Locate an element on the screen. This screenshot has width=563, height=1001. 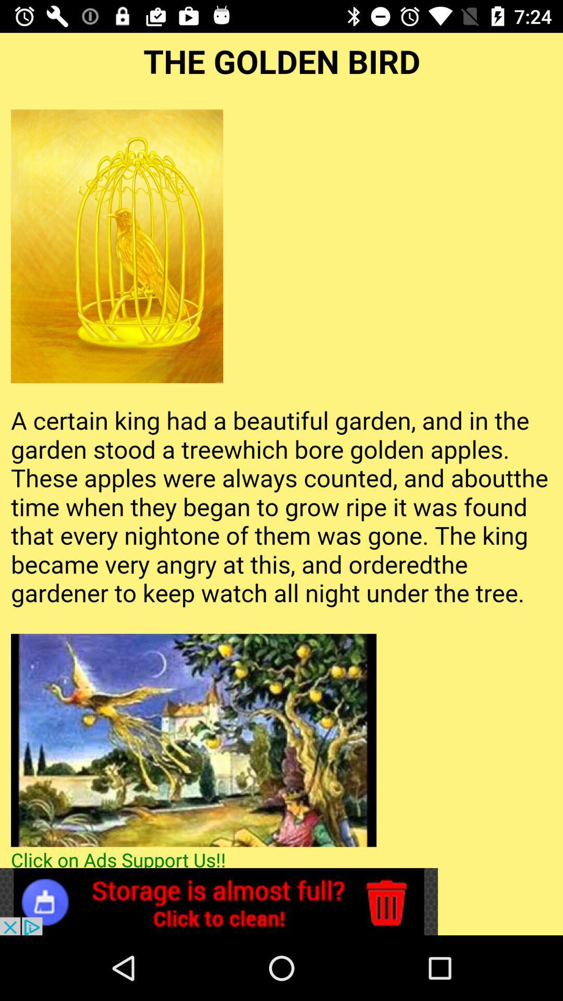
advertisement website is located at coordinates (218, 901).